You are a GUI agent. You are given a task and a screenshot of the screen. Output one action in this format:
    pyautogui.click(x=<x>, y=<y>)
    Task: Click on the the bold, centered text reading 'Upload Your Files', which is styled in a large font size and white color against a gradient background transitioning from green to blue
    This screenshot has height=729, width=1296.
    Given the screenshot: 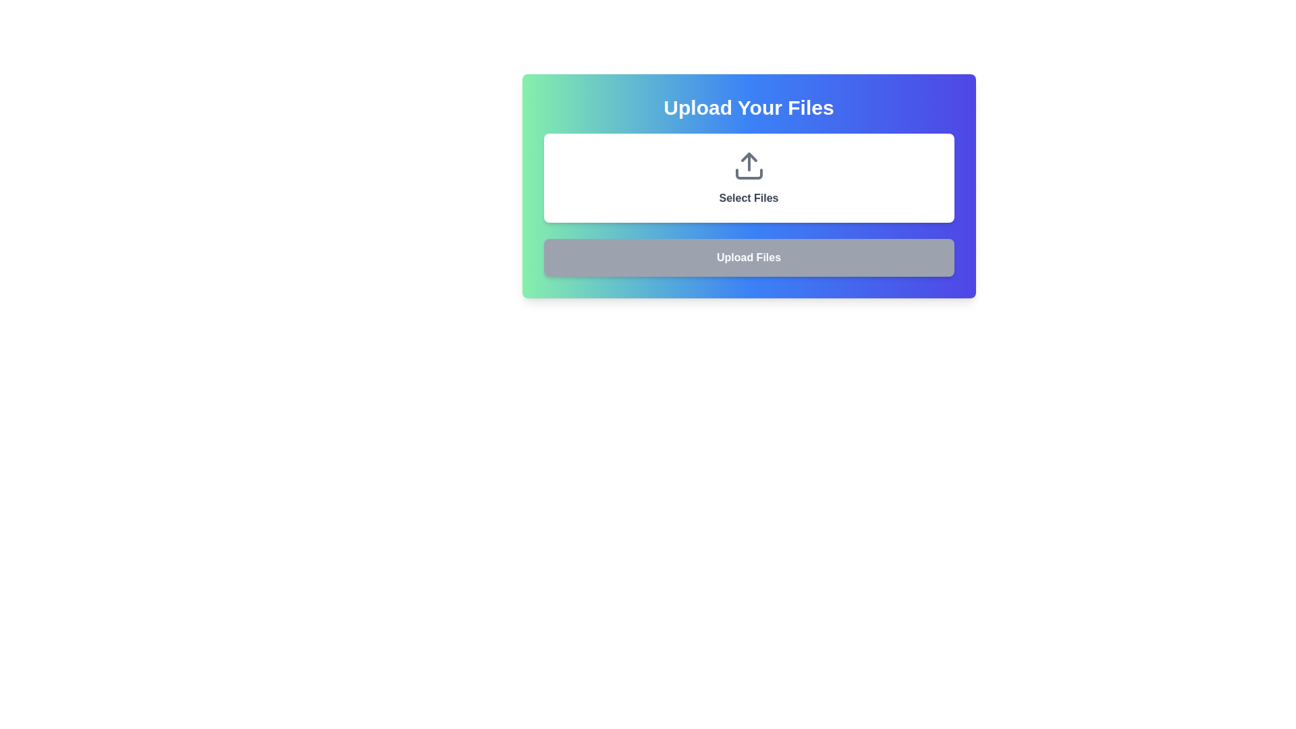 What is the action you would take?
    pyautogui.click(x=748, y=107)
    